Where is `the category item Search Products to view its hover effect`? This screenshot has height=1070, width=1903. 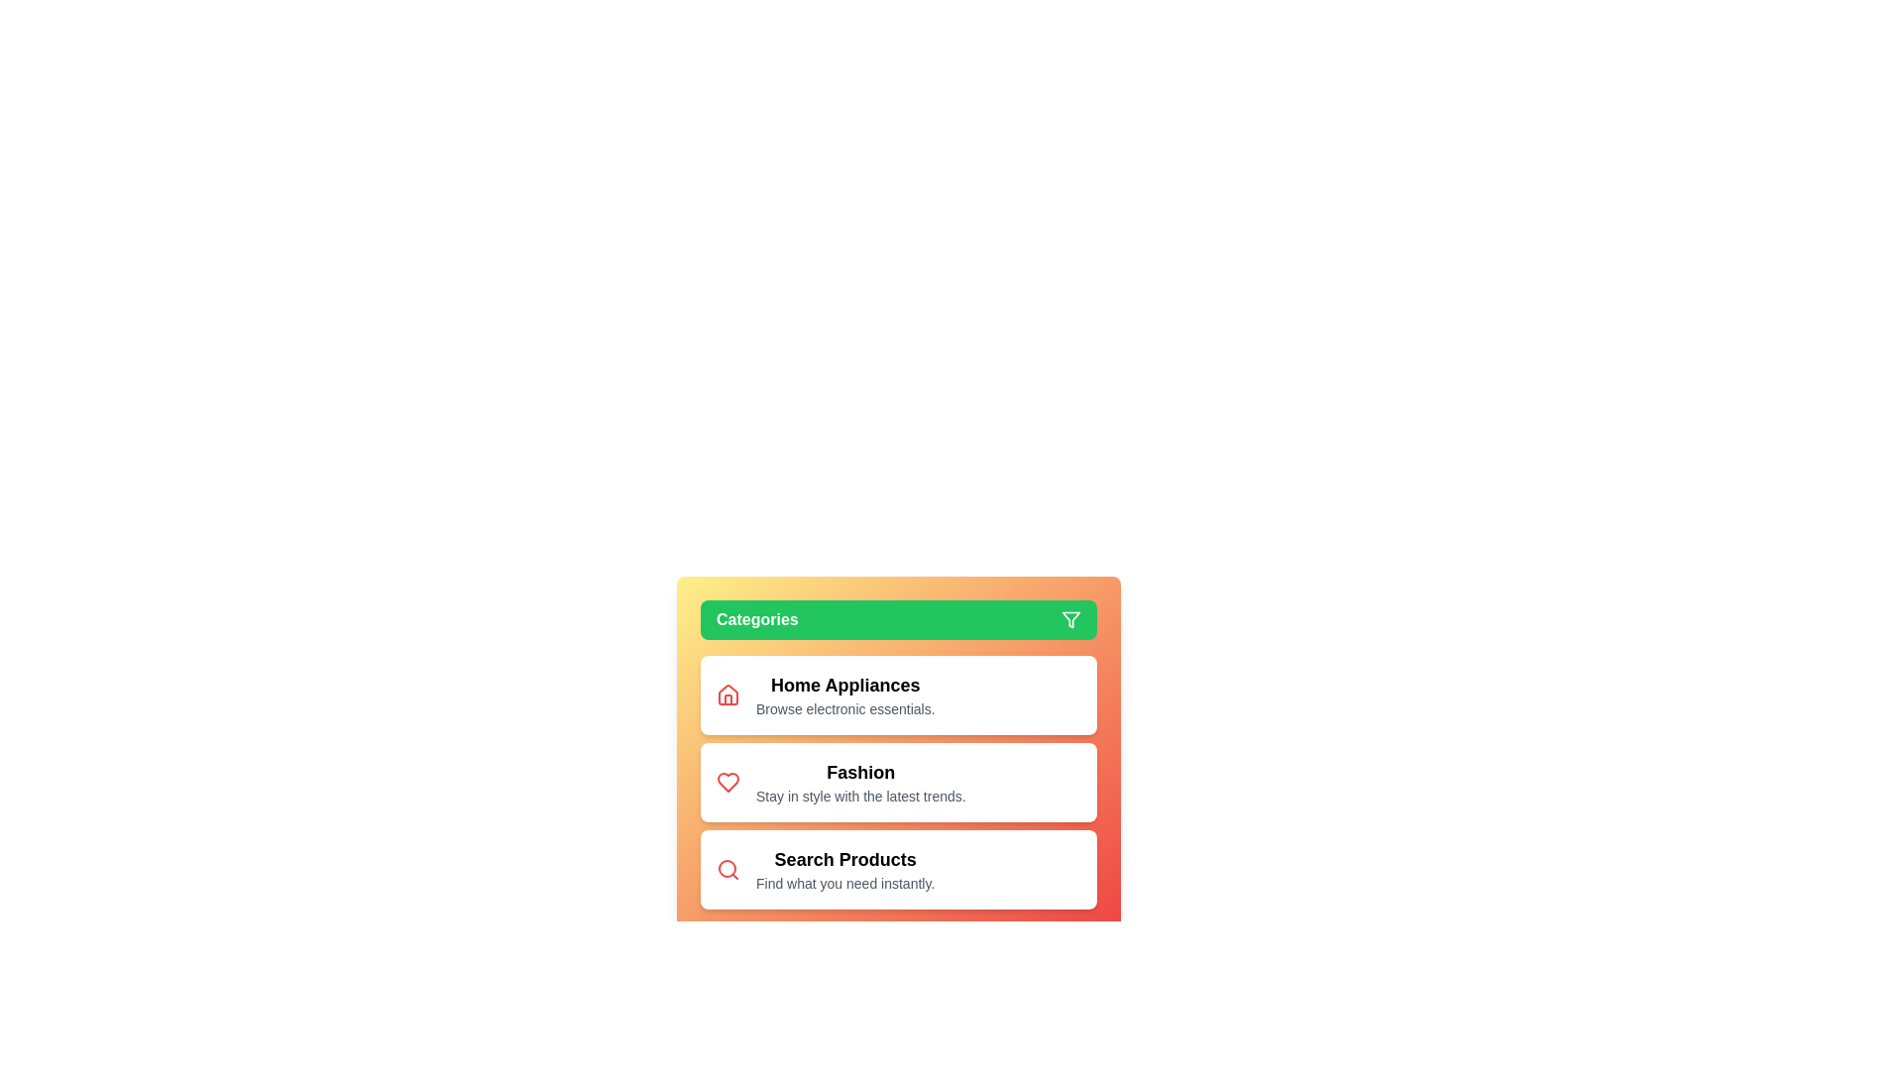
the category item Search Products to view its hover effect is located at coordinates (845, 869).